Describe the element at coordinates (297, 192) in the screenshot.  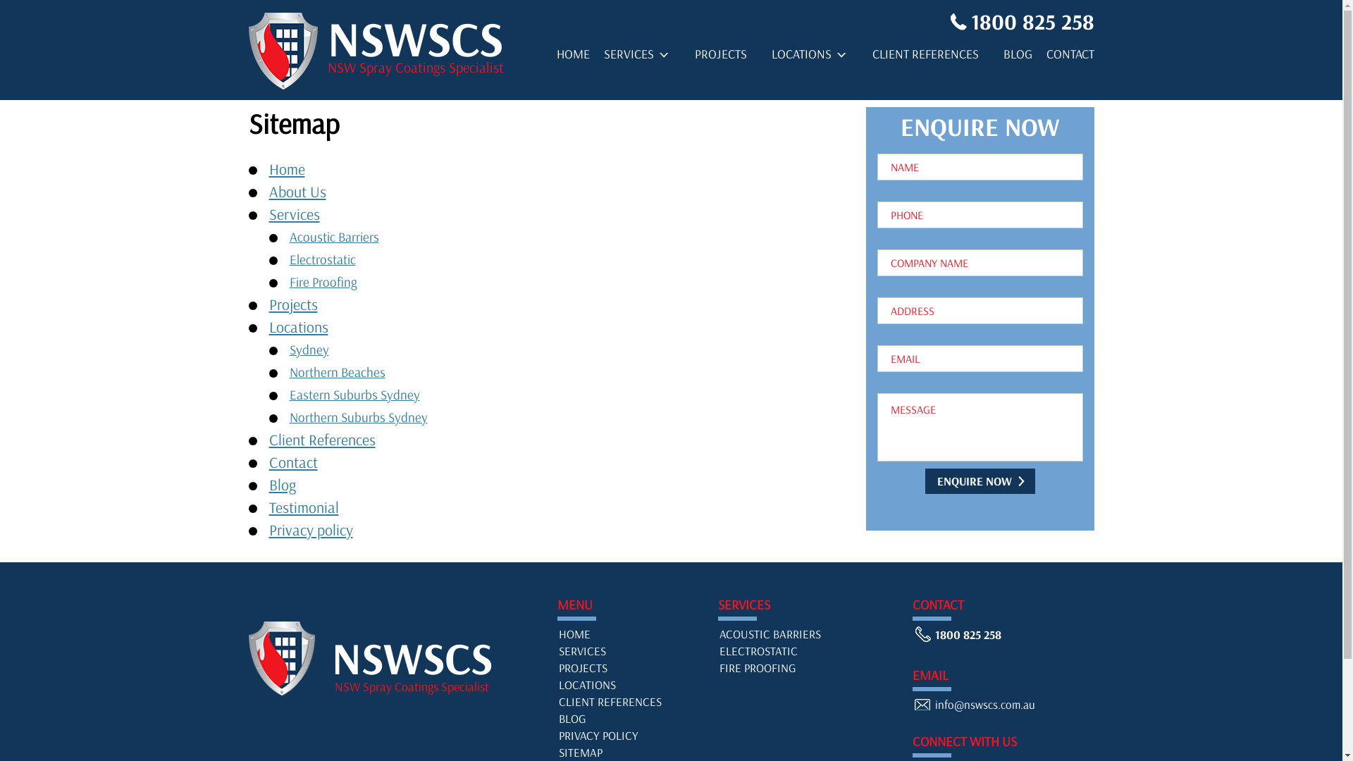
I see `'About Us'` at that location.